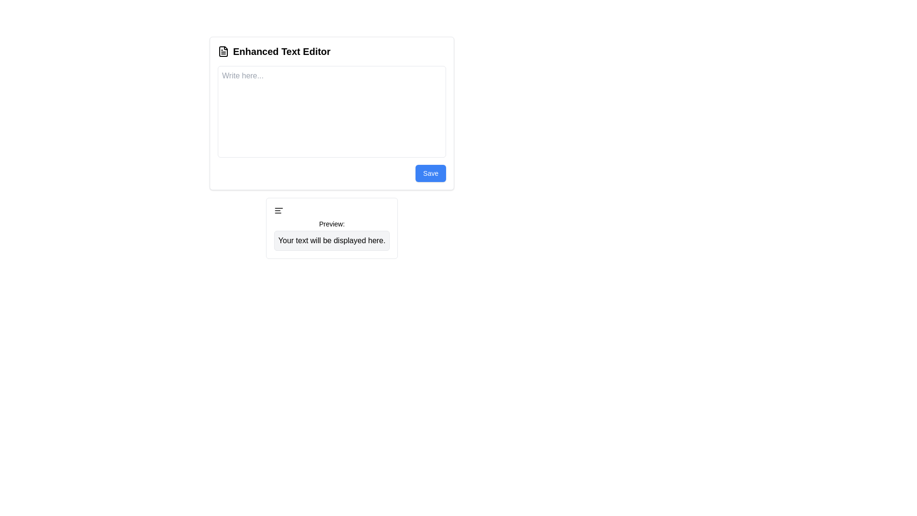  What do you see at coordinates (223, 52) in the screenshot?
I see `the file icon located to the left of the 'Enhanced Text Editor' text to interpret its symbolic meaning` at bounding box center [223, 52].